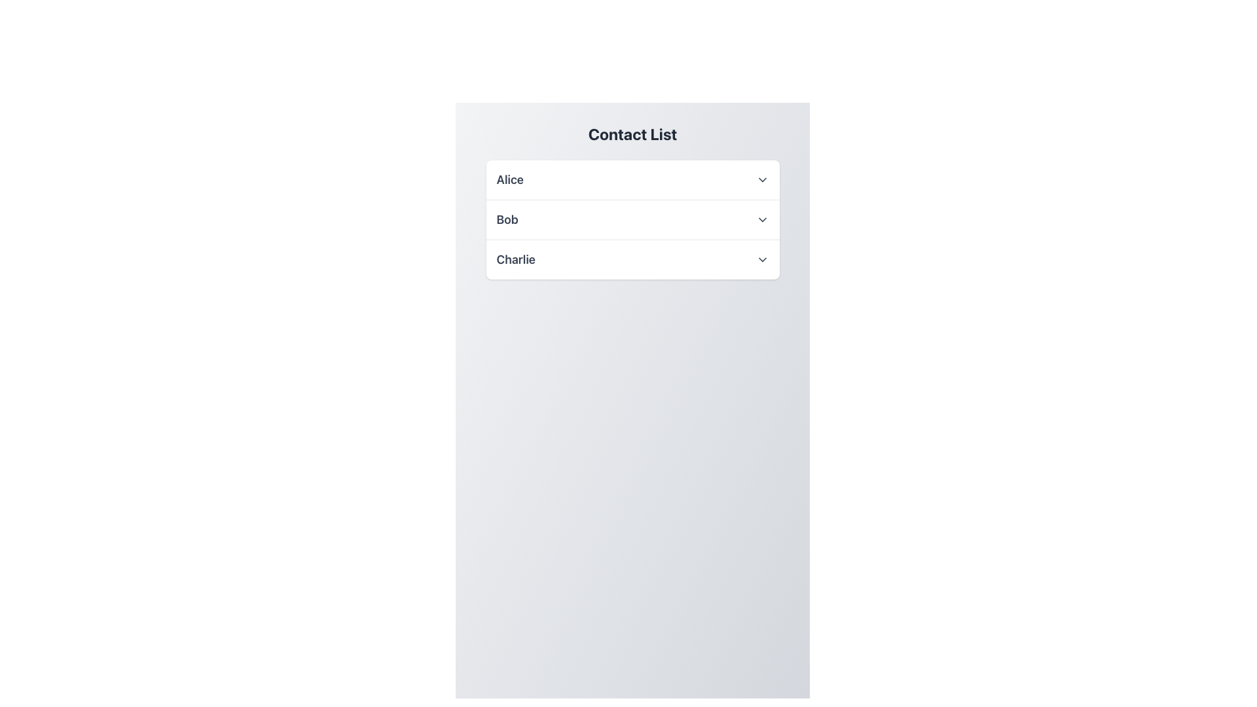 Image resolution: width=1257 pixels, height=707 pixels. Describe the element at coordinates (515, 260) in the screenshot. I see `the text label displaying 'Charlie' in the contact list, located in the third row to the left of an arrow icon` at that location.